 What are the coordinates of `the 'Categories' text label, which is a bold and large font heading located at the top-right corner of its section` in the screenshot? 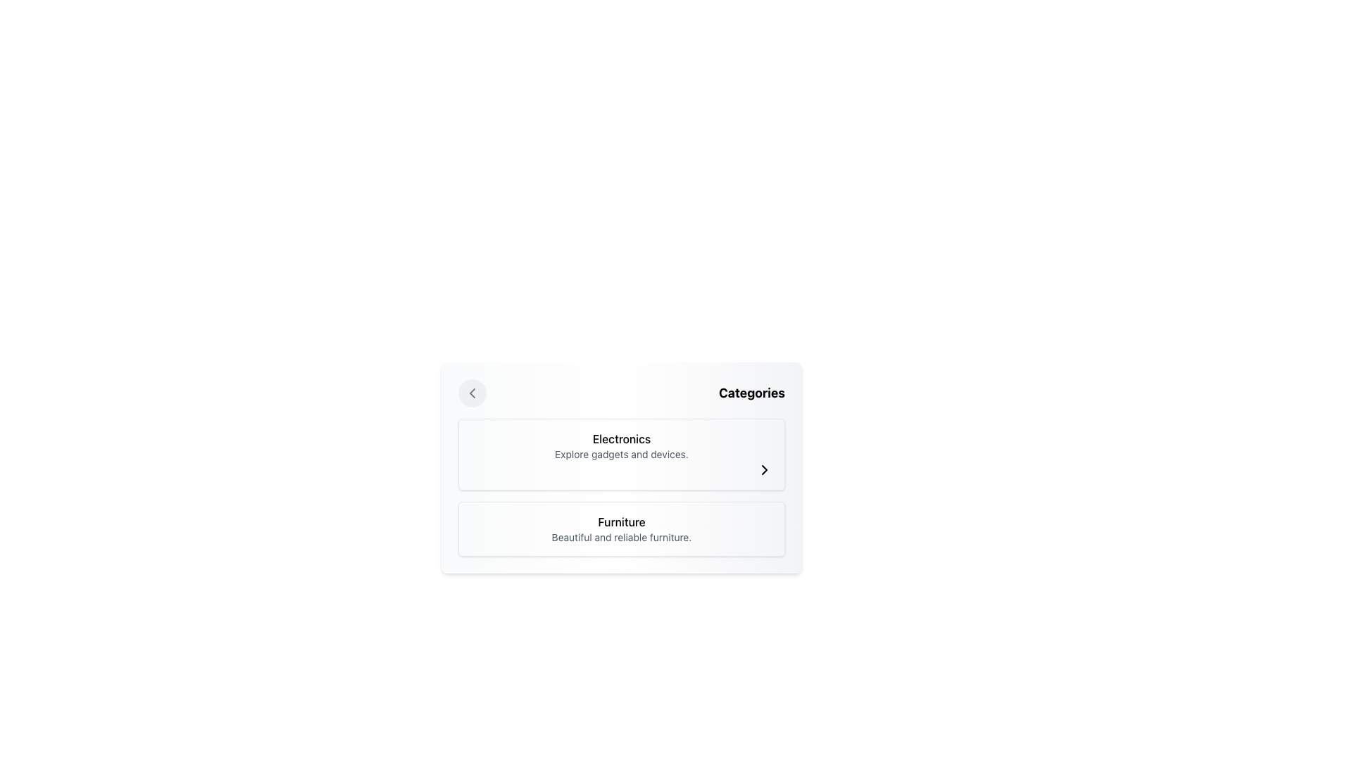 It's located at (751, 393).